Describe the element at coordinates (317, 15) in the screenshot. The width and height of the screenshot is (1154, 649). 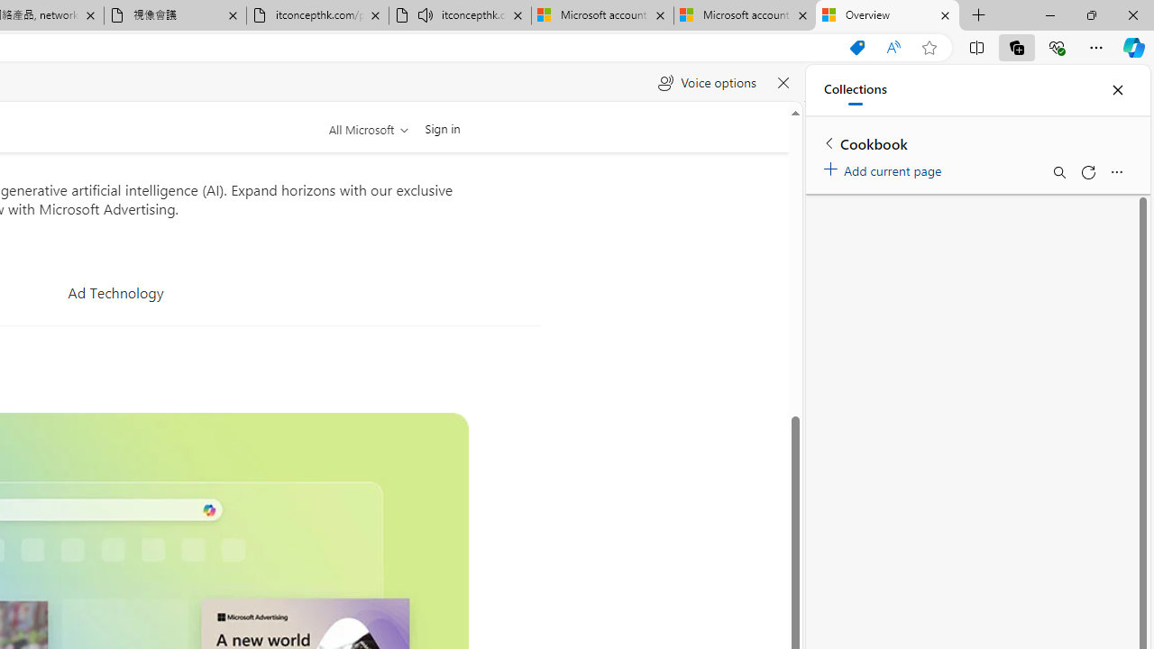
I see `'itconcepthk.com/projector_solutions.mp4'` at that location.